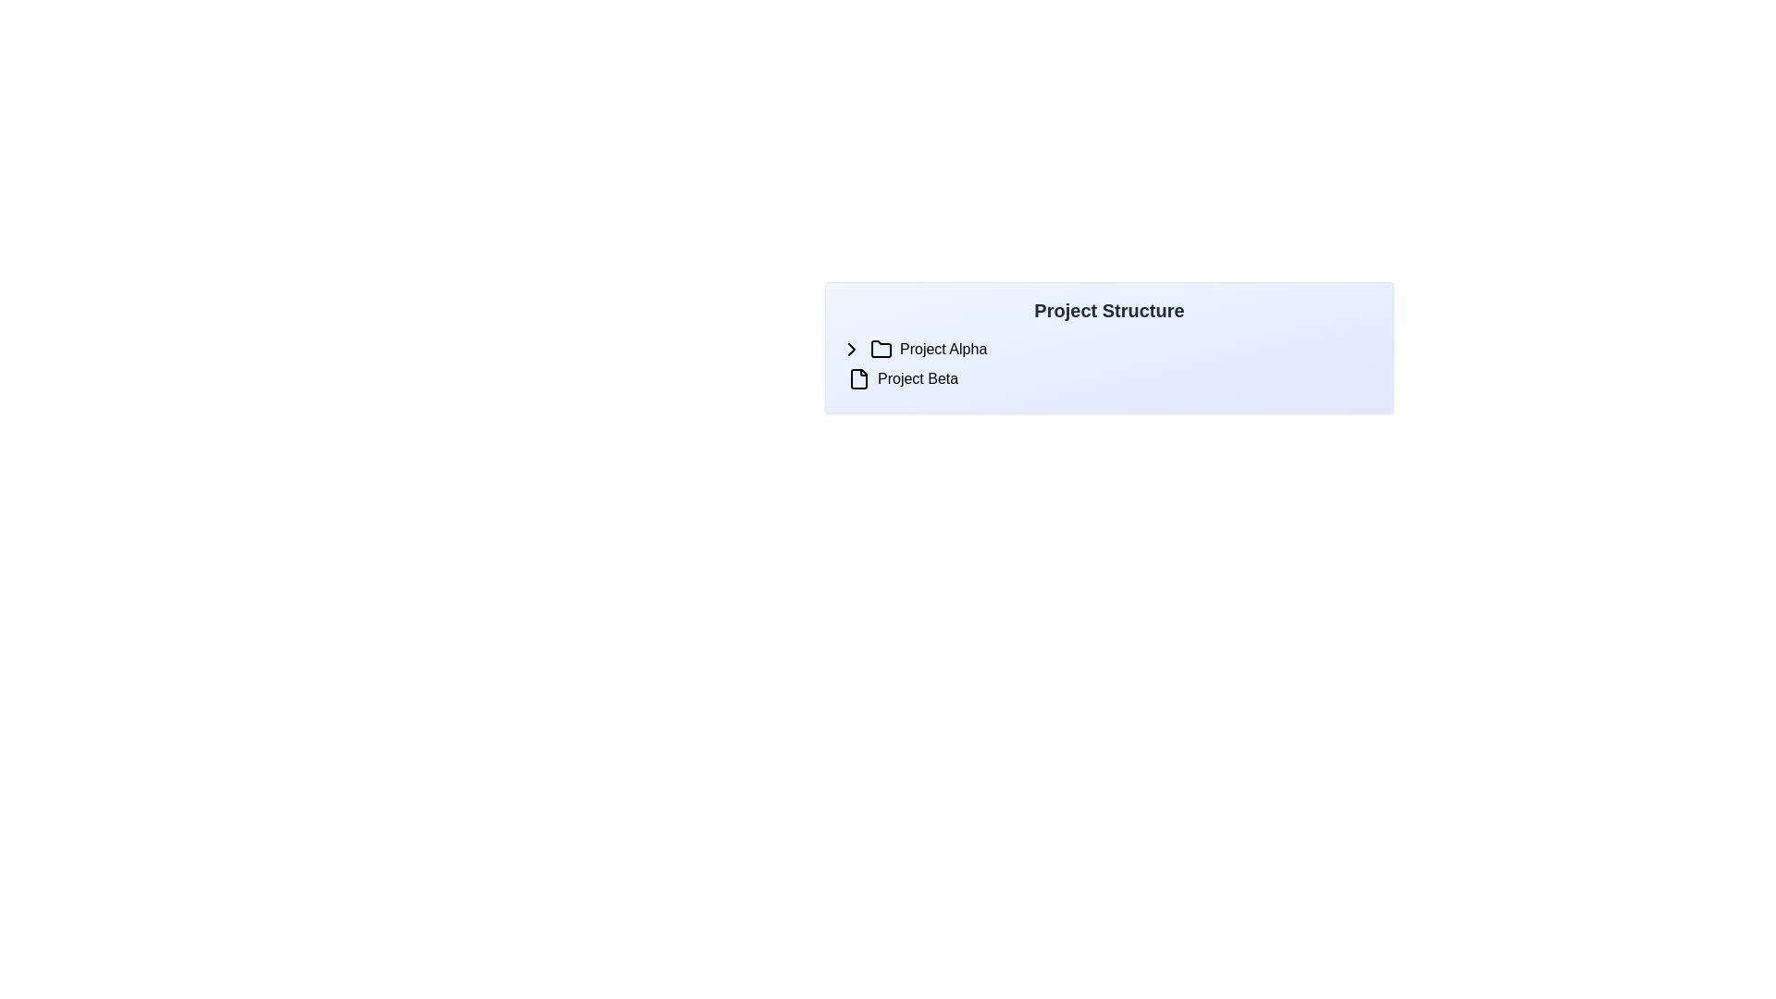 The height and width of the screenshot is (999, 1776). What do you see at coordinates (851, 350) in the screenshot?
I see `the arrow icon next to 'Project Alpha'` at bounding box center [851, 350].